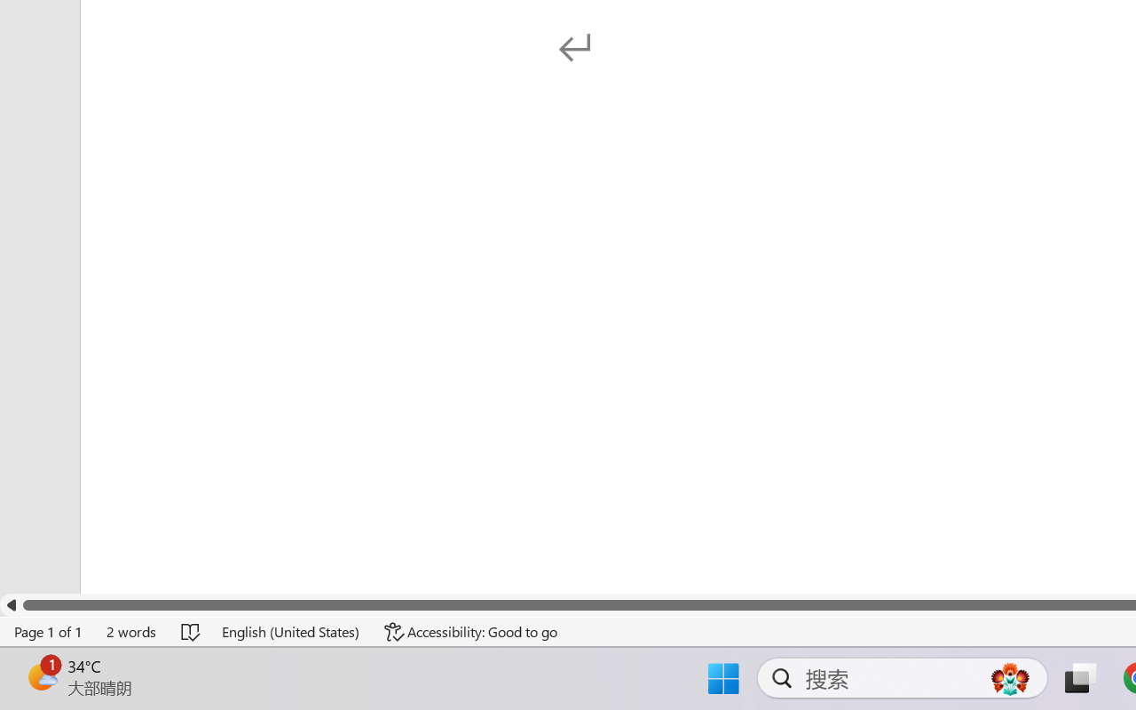 The width and height of the screenshot is (1136, 710). I want to click on 'Column left', so click(11, 605).